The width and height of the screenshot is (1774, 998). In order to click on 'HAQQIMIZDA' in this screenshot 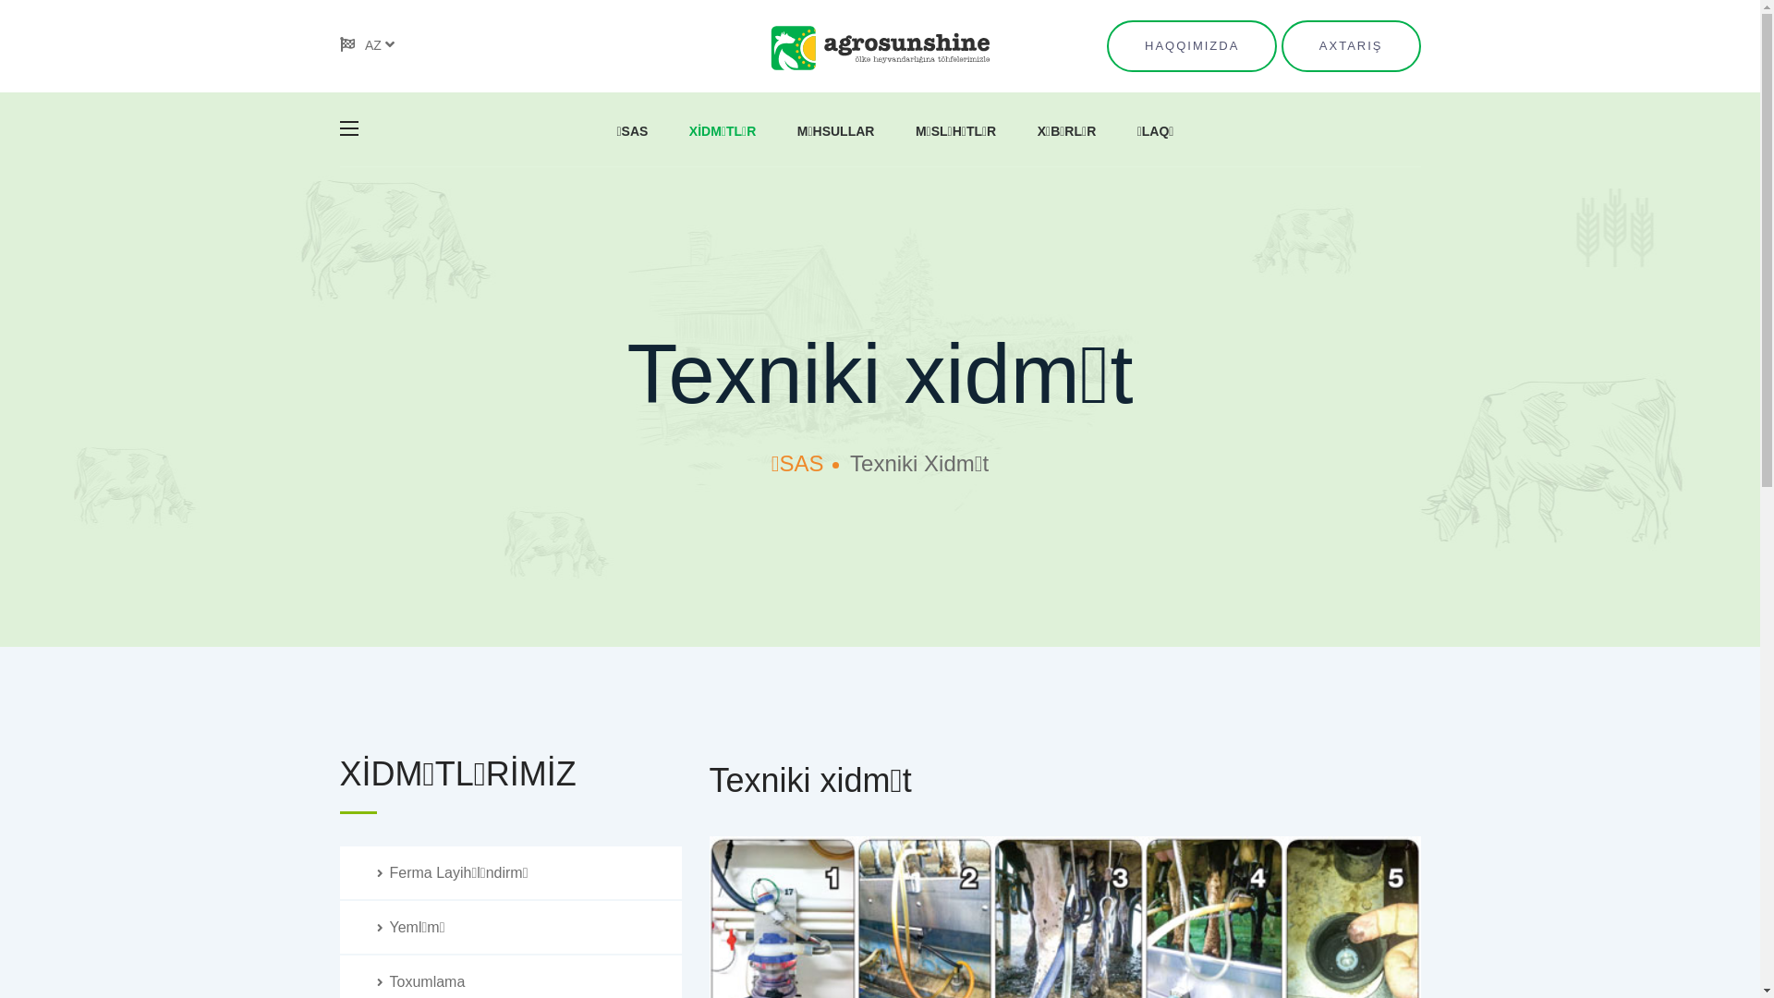, I will do `click(1192, 45)`.